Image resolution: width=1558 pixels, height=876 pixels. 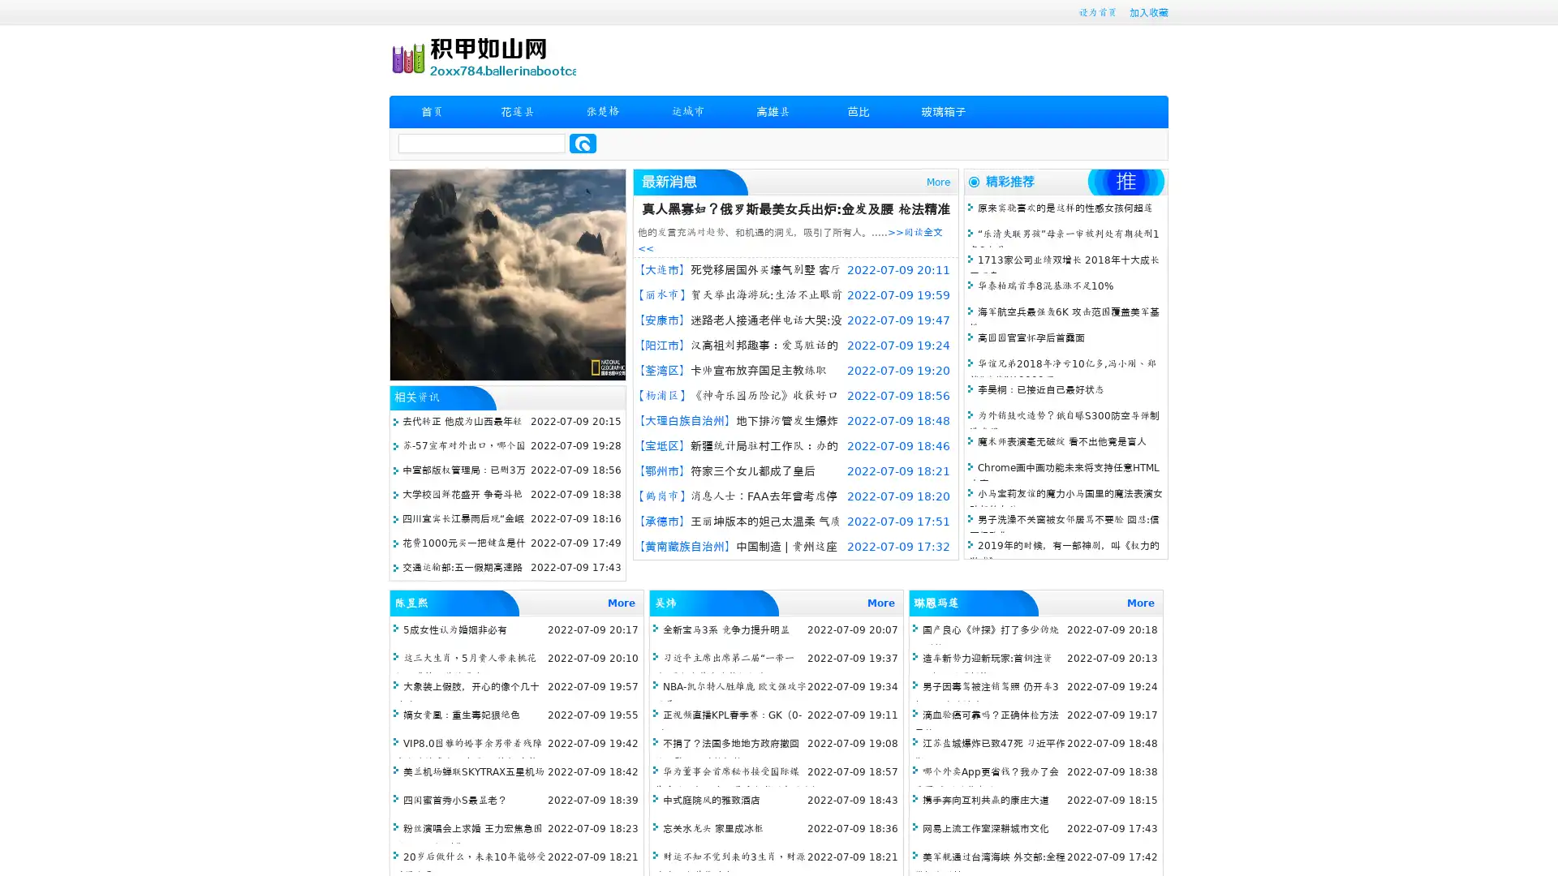 What do you see at coordinates (583, 143) in the screenshot?
I see `Search` at bounding box center [583, 143].